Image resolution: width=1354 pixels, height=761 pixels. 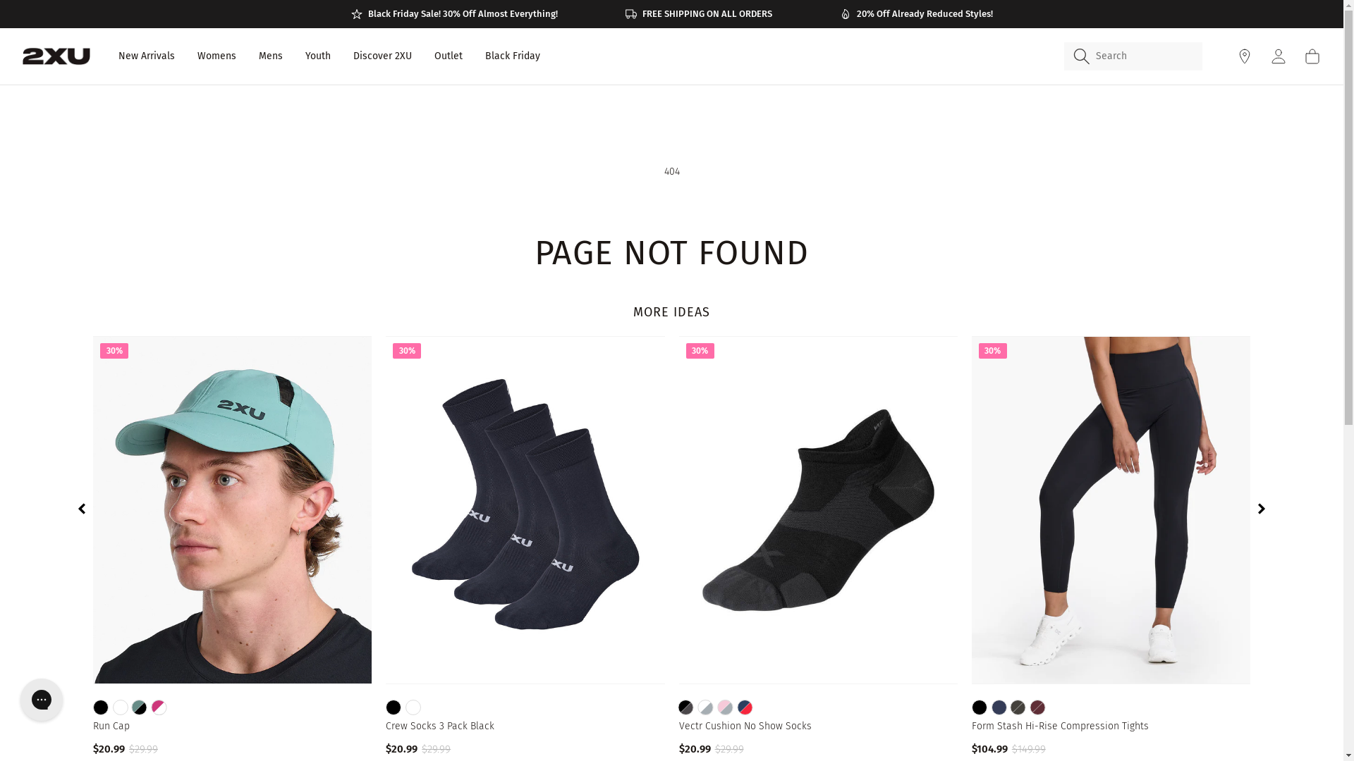 I want to click on 'Outlet', so click(x=447, y=56).